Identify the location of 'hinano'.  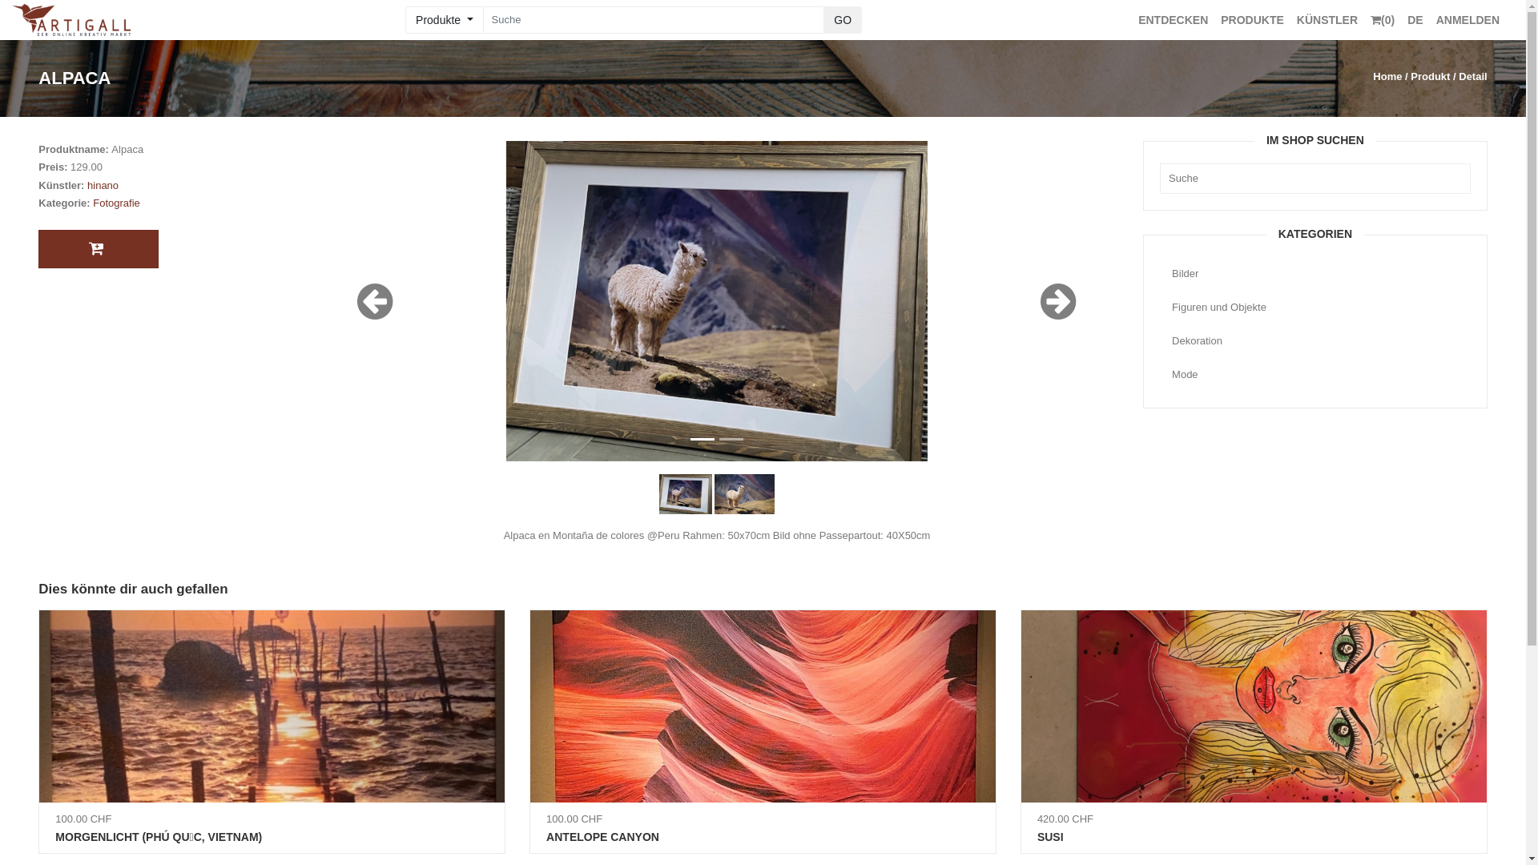
(102, 184).